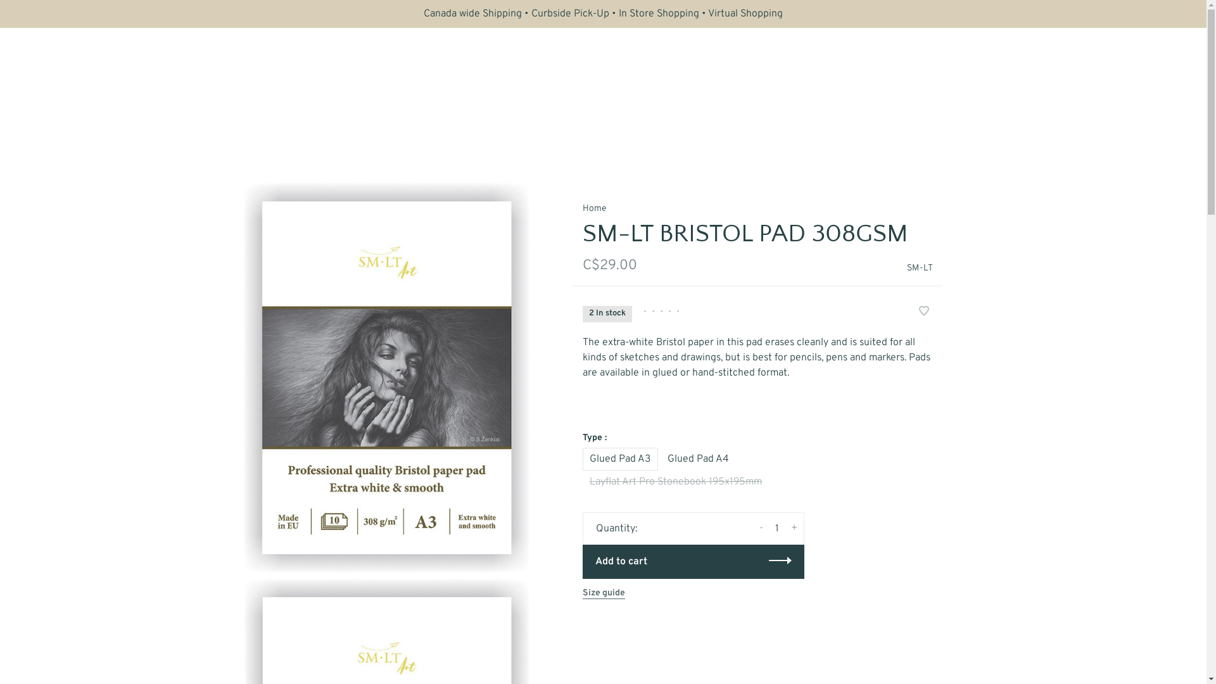 The width and height of the screenshot is (1216, 684). I want to click on 'Glued Pad A3', so click(620, 459).